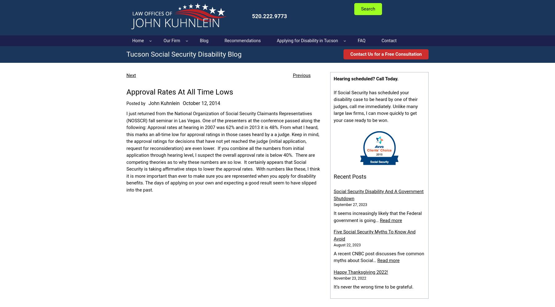 The image size is (555, 307). Describe the element at coordinates (360, 9) in the screenshot. I see `'Search'` at that location.